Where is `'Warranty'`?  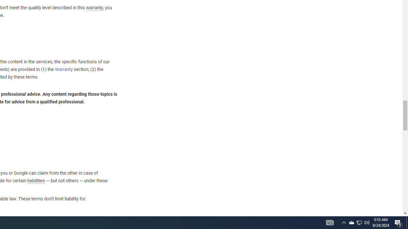 'Warranty' is located at coordinates (64, 70).